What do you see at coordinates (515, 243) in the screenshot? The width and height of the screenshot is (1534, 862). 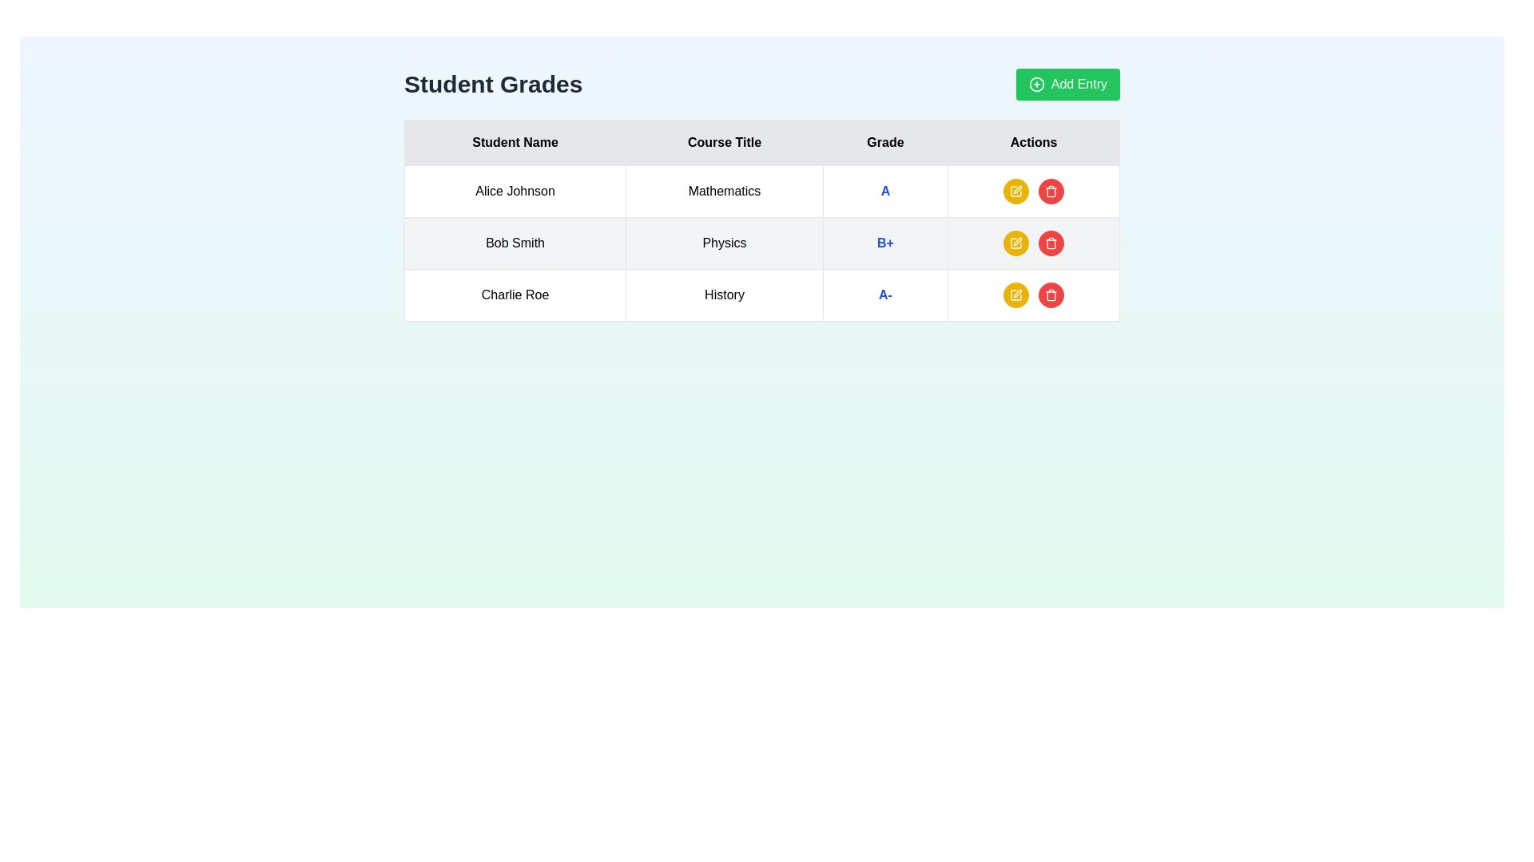 I see `the static text label displaying 'Bob Smith' located in the second row, first column of the table under the 'Student Name' header` at bounding box center [515, 243].